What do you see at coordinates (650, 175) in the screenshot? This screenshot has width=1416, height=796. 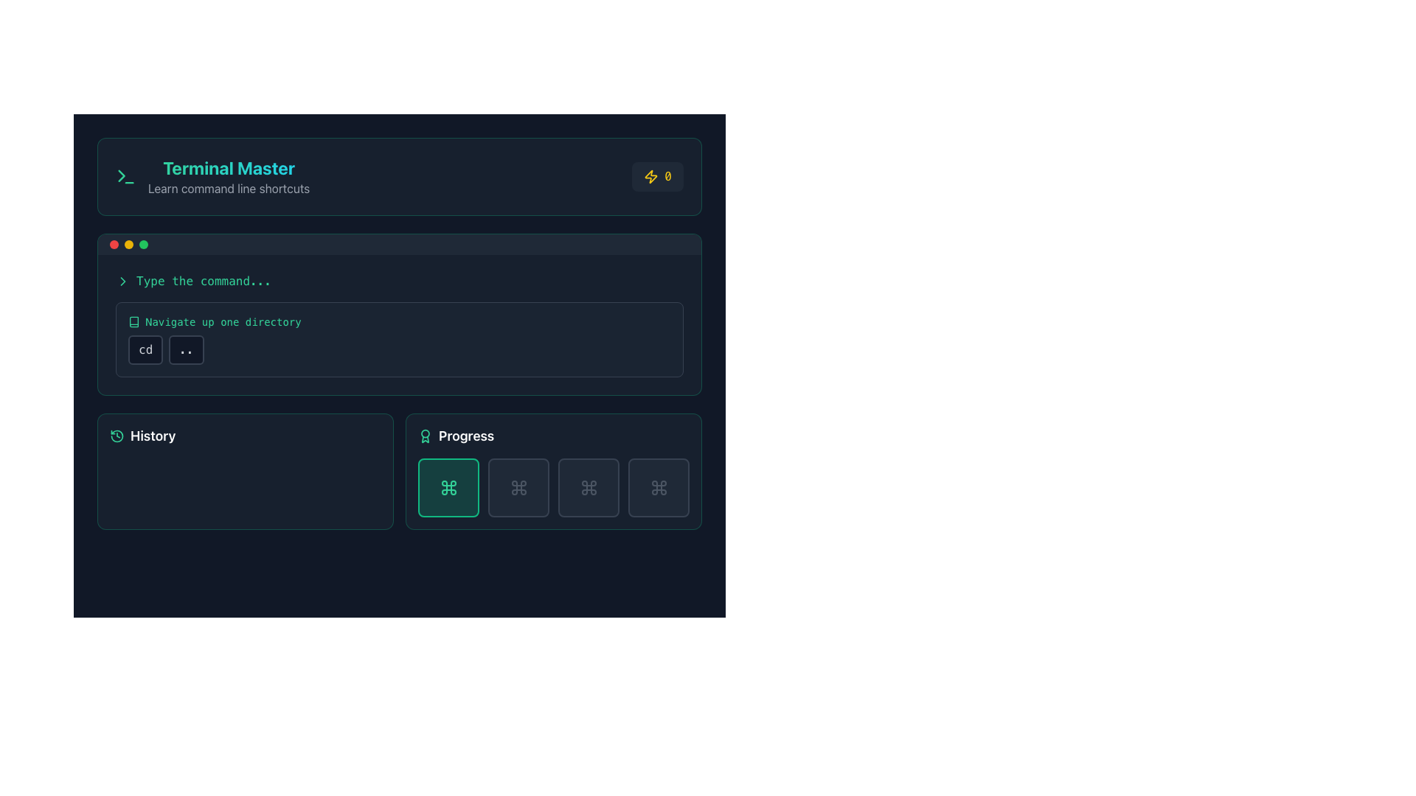 I see `the small yellow lightning bolt icon located at the top right corner of the application interface, which is part of a horizontally aligned group of three elements` at bounding box center [650, 175].